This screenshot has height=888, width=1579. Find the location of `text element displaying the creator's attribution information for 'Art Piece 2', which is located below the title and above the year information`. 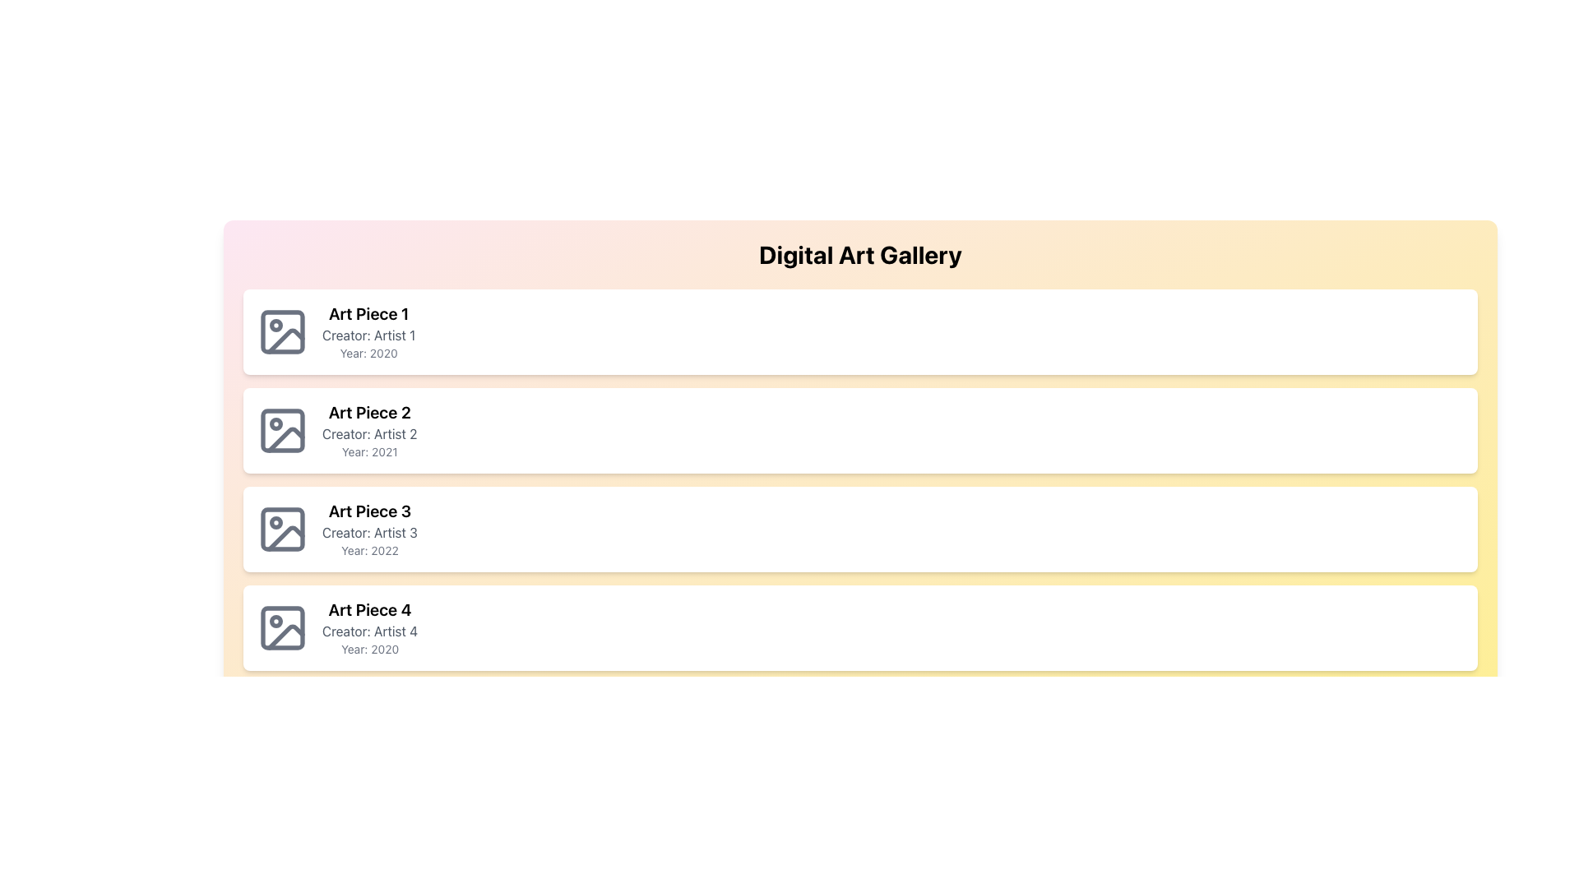

text element displaying the creator's attribution information for 'Art Piece 2', which is located below the title and above the year information is located at coordinates (368, 433).